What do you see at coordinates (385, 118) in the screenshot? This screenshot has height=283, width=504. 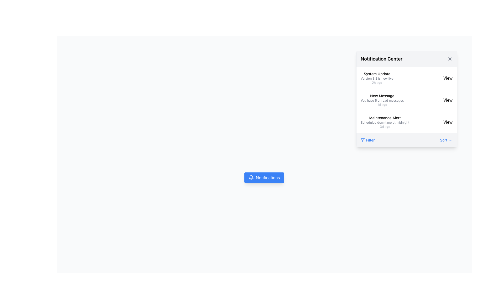 I see `the Text Label that serves as the title of the notification message indicating 'Maintenance Alert'` at bounding box center [385, 118].